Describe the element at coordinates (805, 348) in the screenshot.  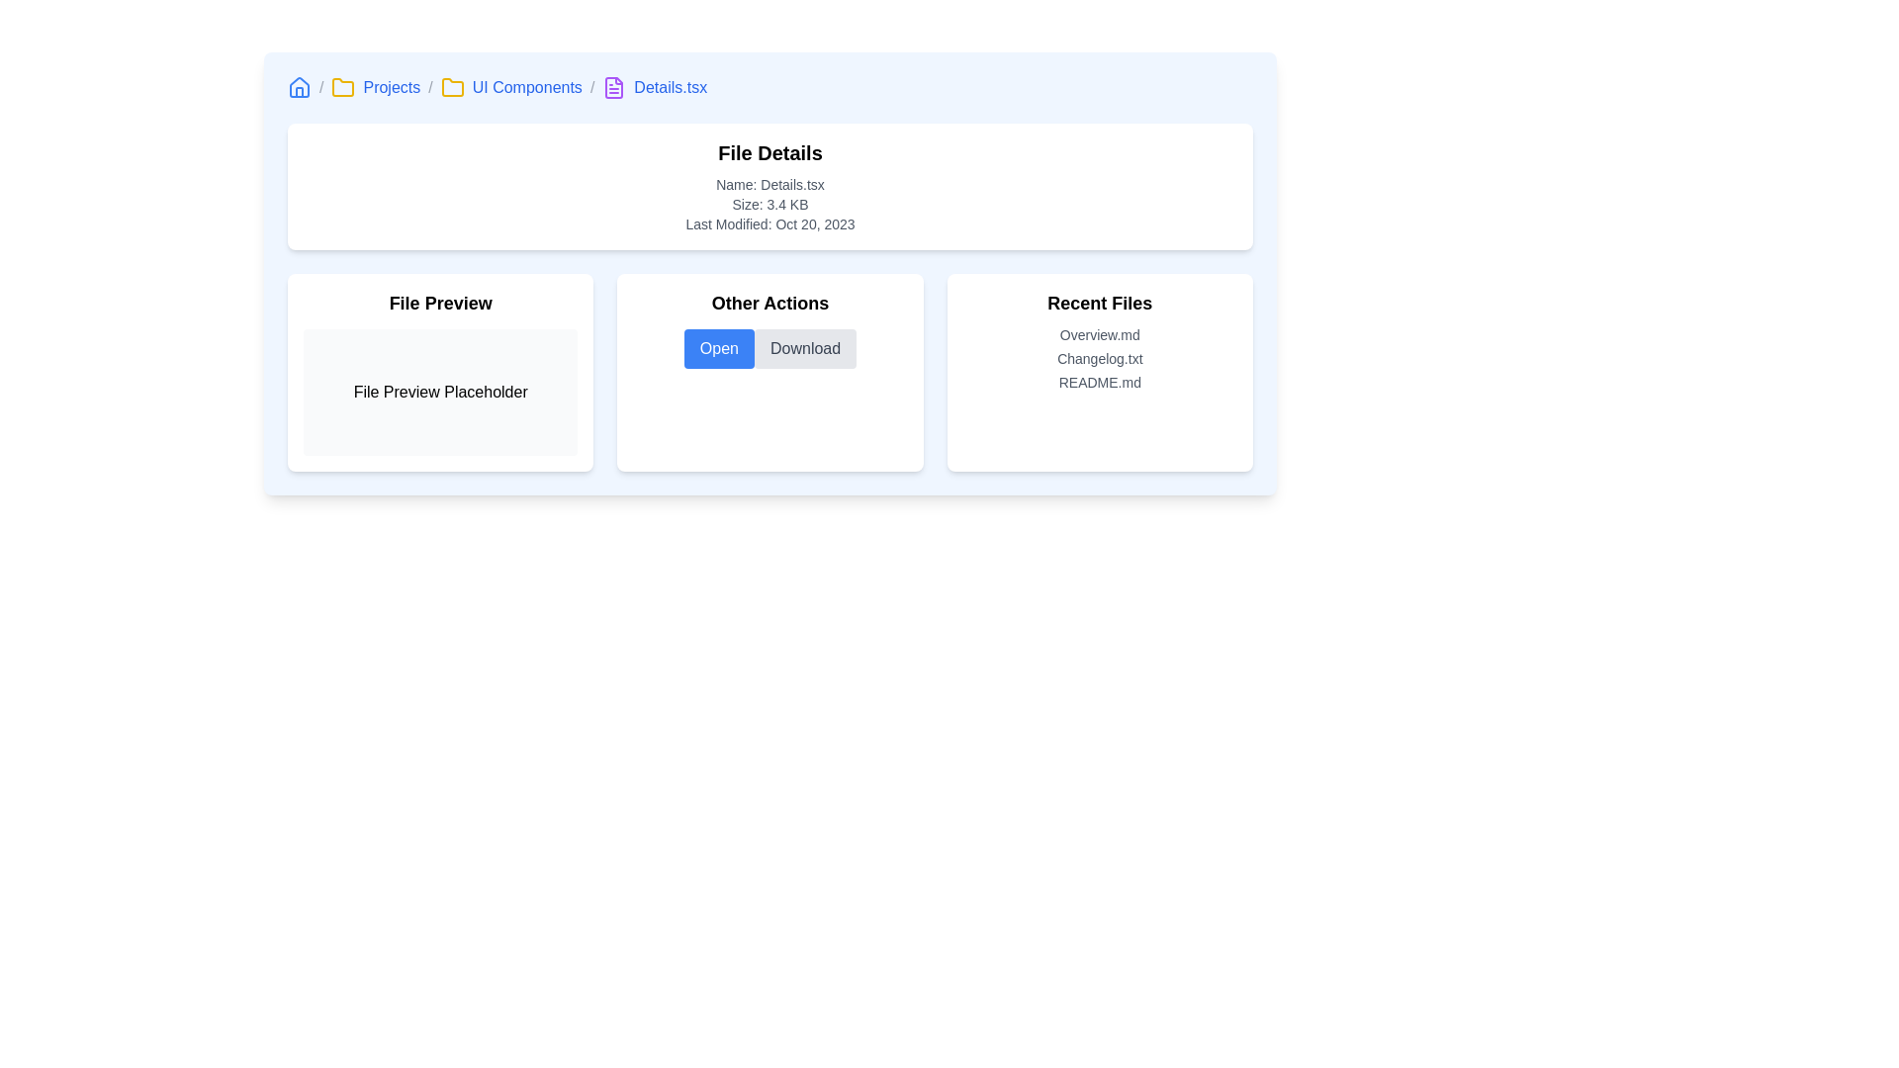
I see `the download button located within the 'Other Actions' card, positioned below the title and adjacent to the 'Open' button, to see the focus ring` at that location.